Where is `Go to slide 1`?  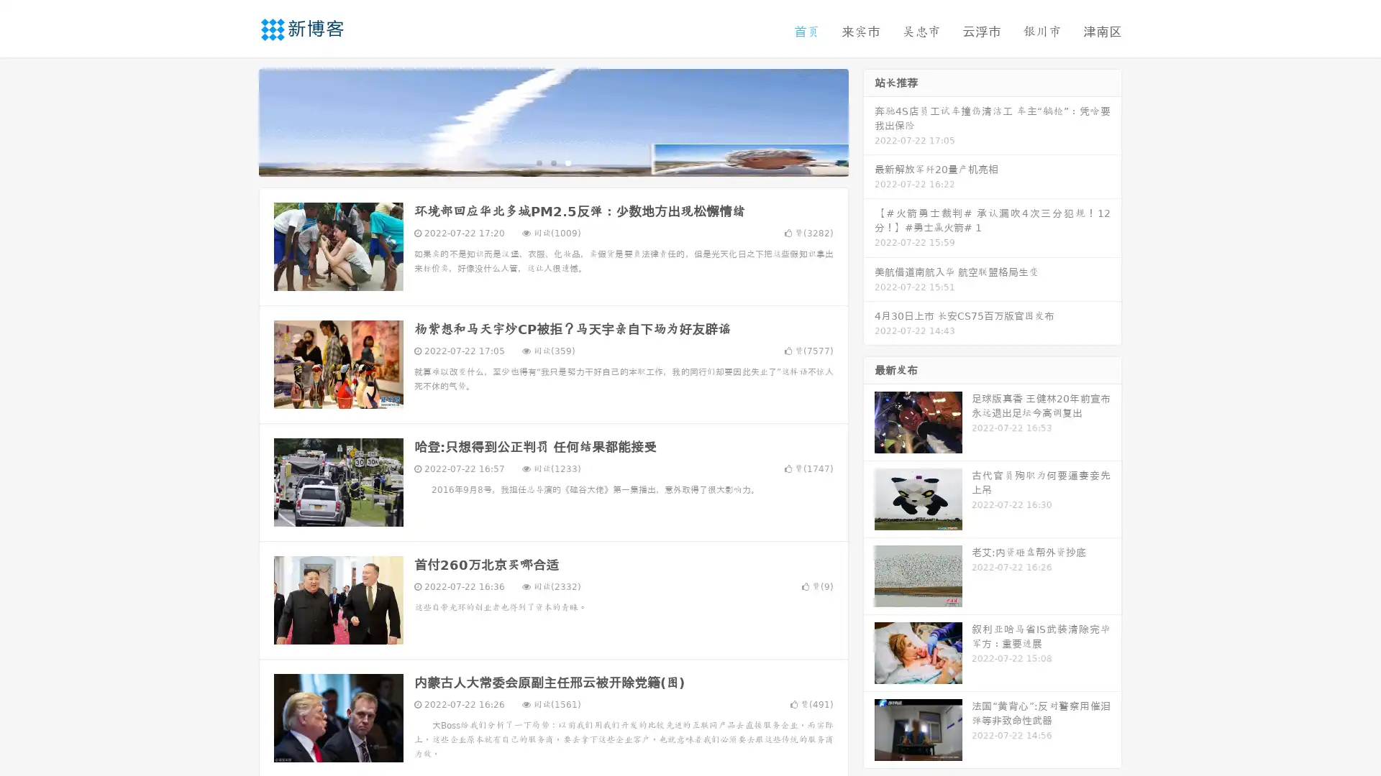 Go to slide 1 is located at coordinates (538, 162).